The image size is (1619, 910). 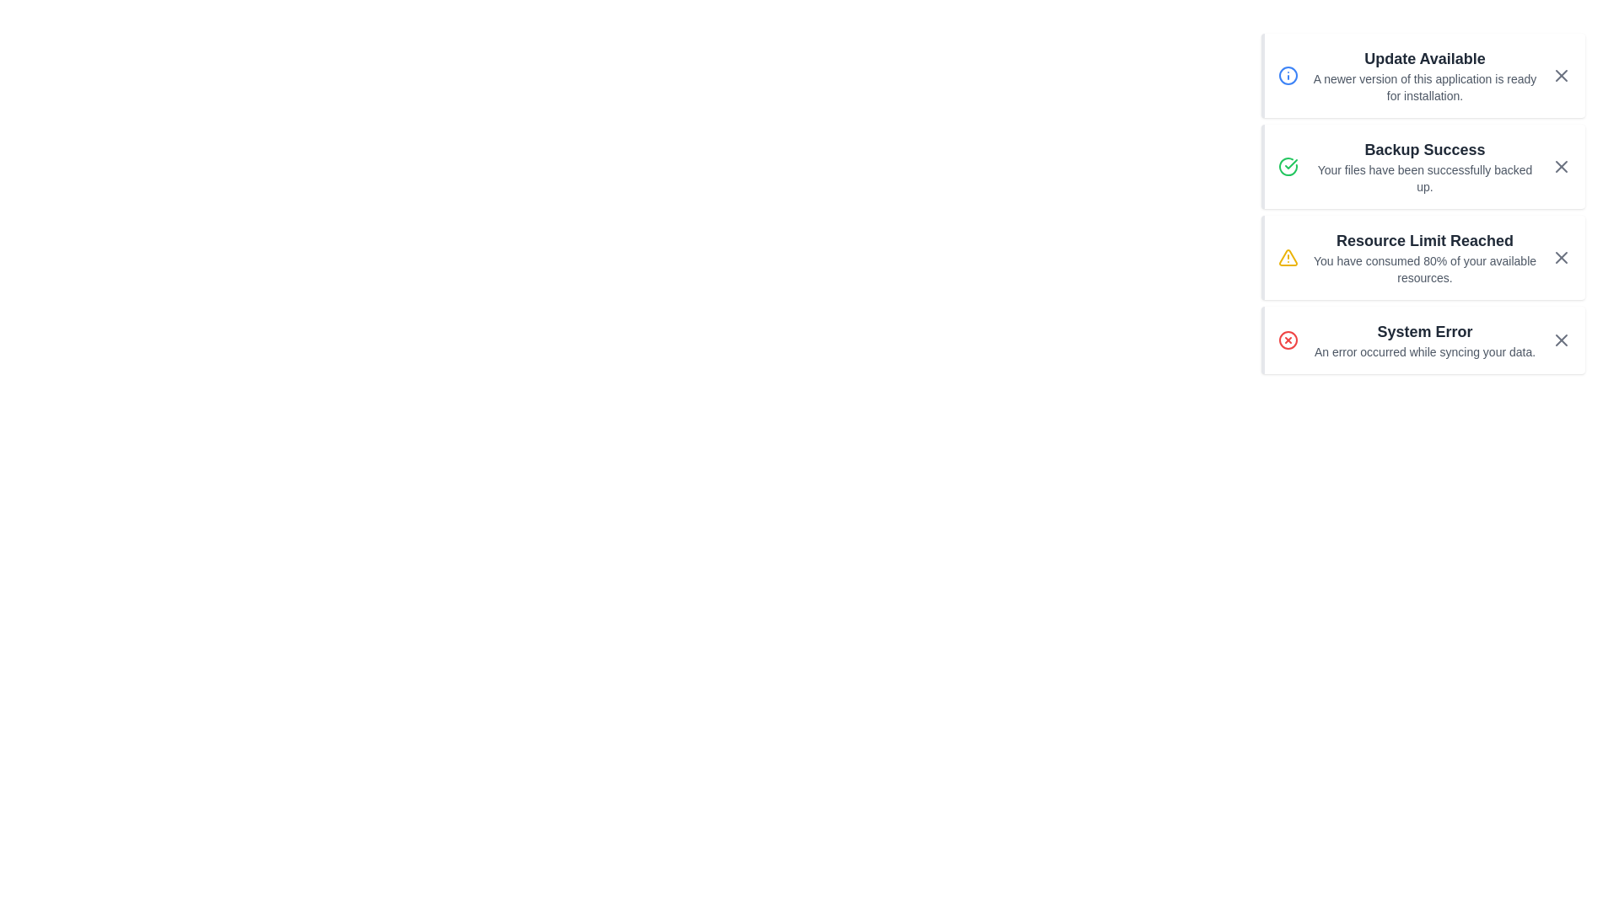 What do you see at coordinates (1561, 74) in the screenshot?
I see `the dismiss button located in the top-right corner of the 'Update Available' notification` at bounding box center [1561, 74].